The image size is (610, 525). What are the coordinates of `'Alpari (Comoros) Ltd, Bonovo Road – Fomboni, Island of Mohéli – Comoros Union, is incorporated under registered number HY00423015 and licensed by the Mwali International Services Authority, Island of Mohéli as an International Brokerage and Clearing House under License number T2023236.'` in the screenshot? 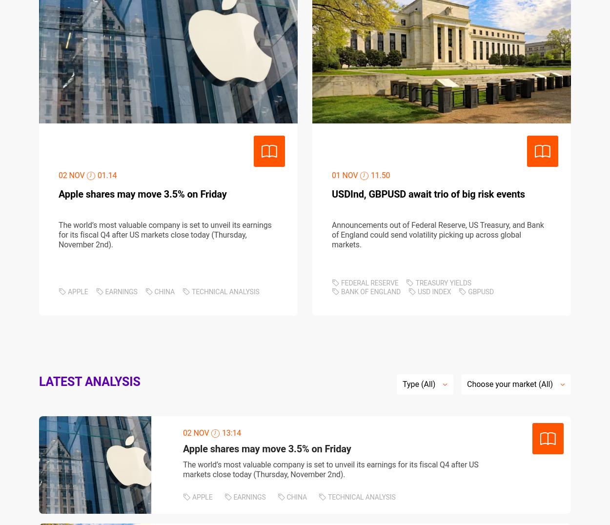 It's located at (296, 377).